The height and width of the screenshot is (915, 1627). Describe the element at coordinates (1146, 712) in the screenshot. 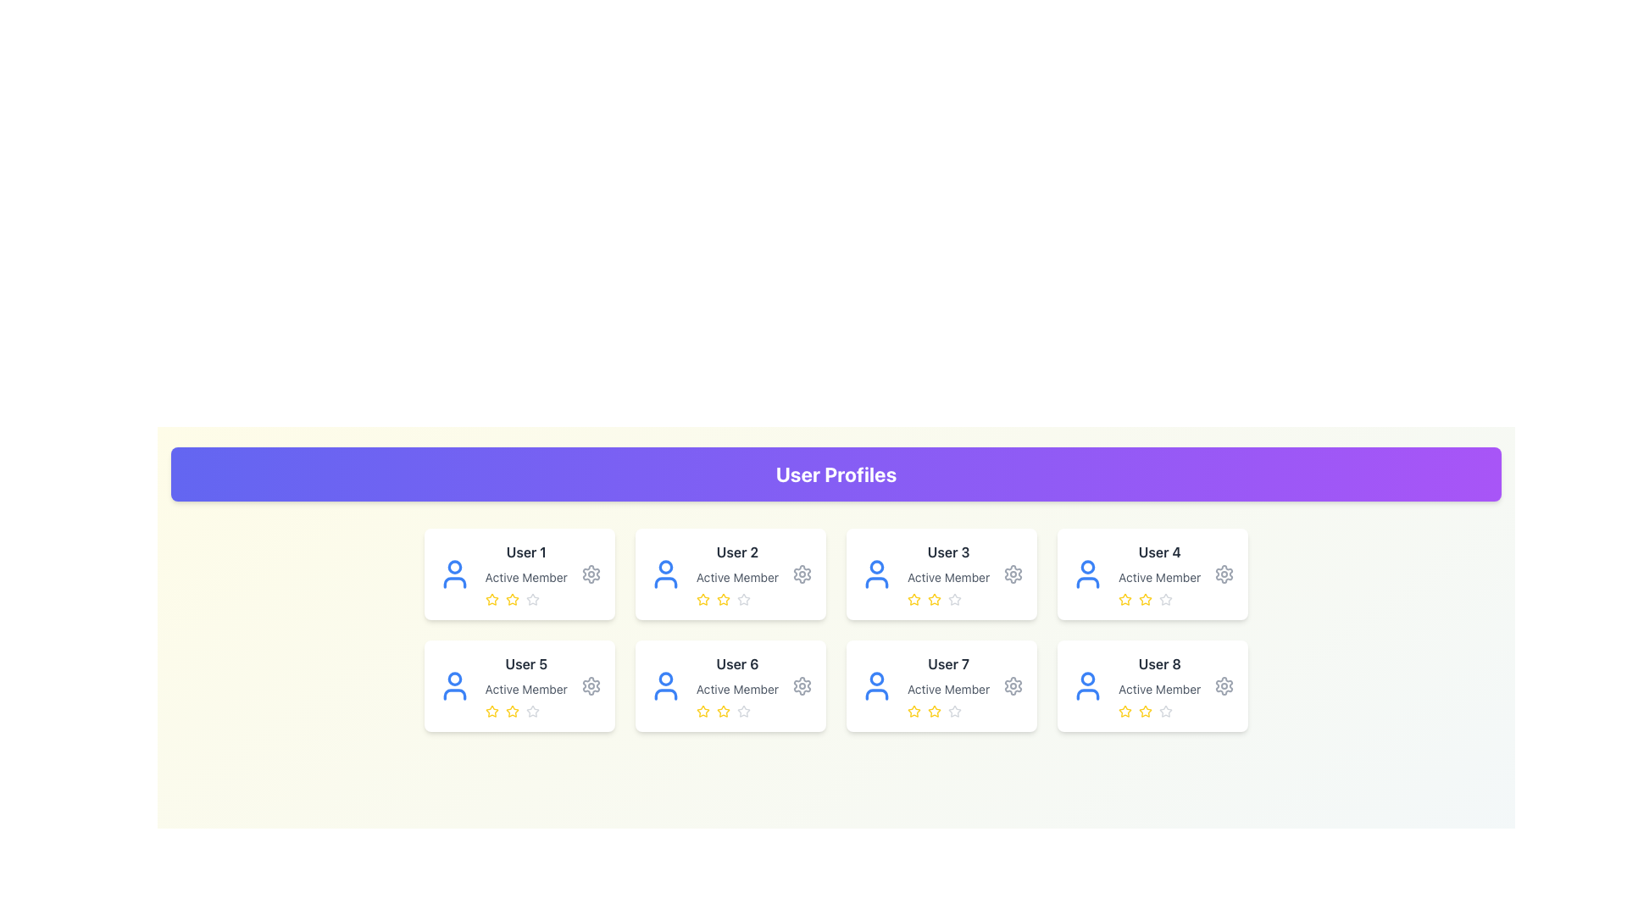

I see `the third star icon in the rating indicator for 'User 8'` at that location.